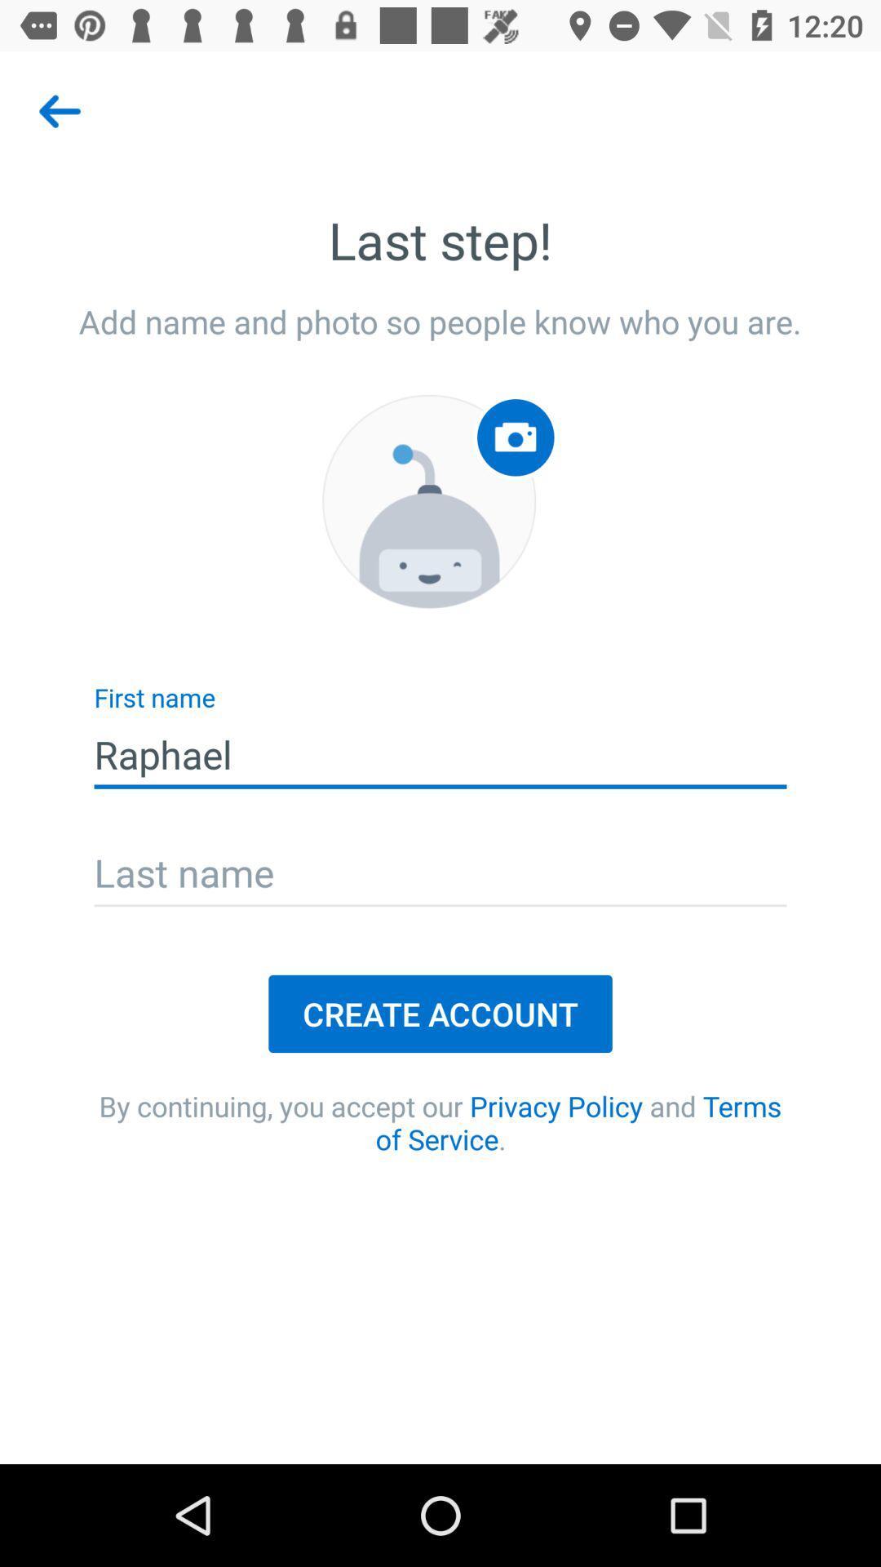 This screenshot has height=1567, width=881. Describe the element at coordinates (440, 1013) in the screenshot. I see `the create account item` at that location.